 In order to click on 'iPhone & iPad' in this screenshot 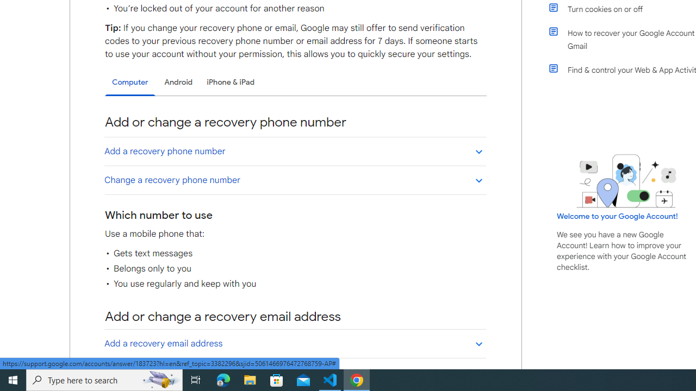, I will do `click(230, 81)`.